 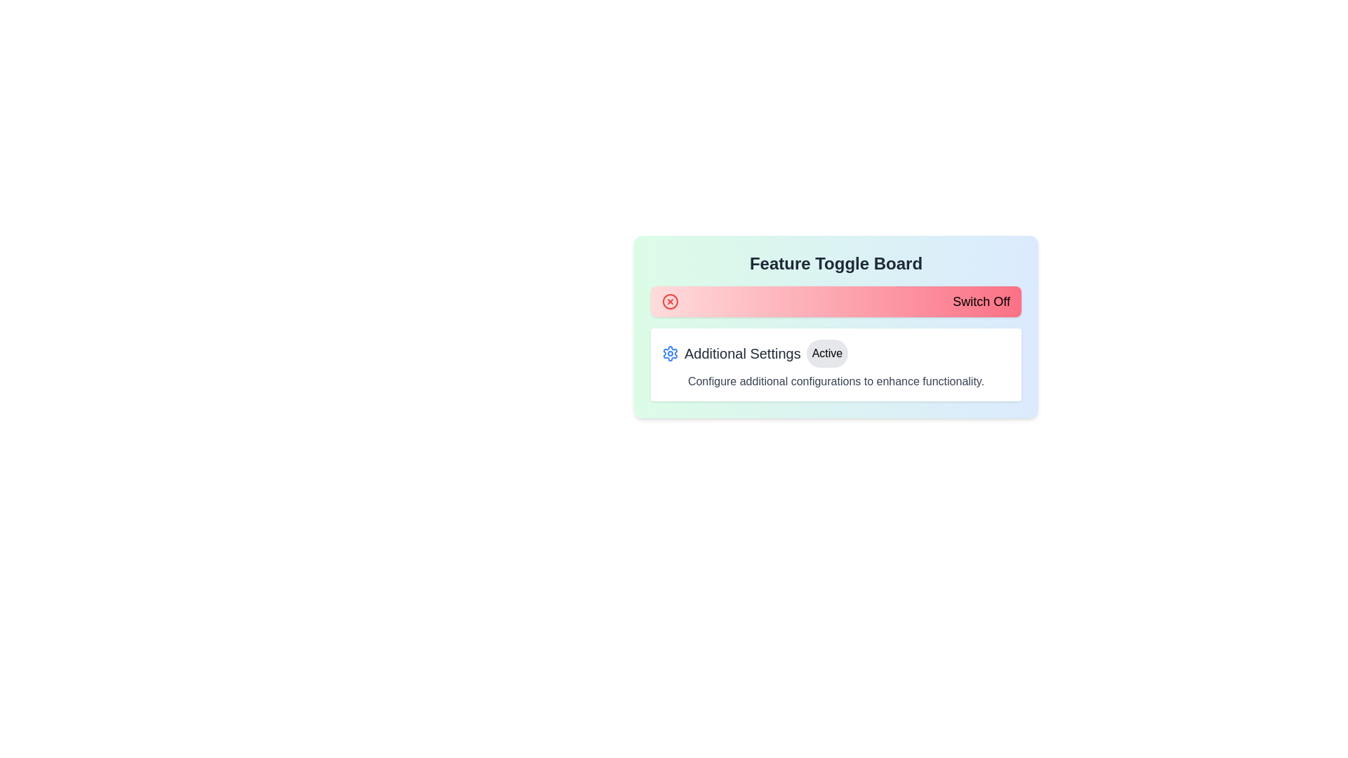 What do you see at coordinates (835, 364) in the screenshot?
I see `the 'Active' status button on the 'Additional Settings' component` at bounding box center [835, 364].